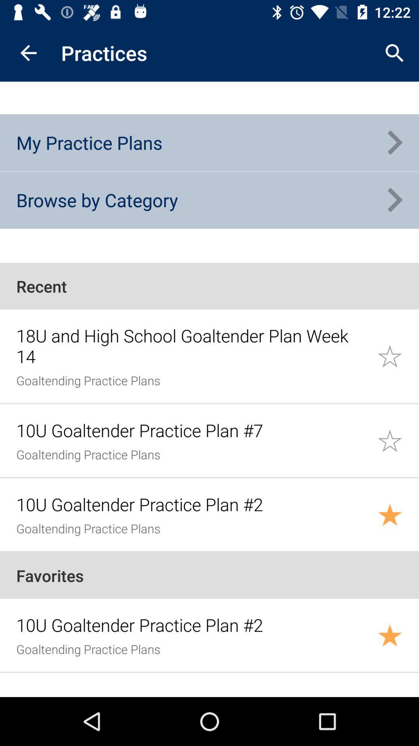 This screenshot has height=746, width=419. I want to click on the app next to the practices item, so click(395, 52).